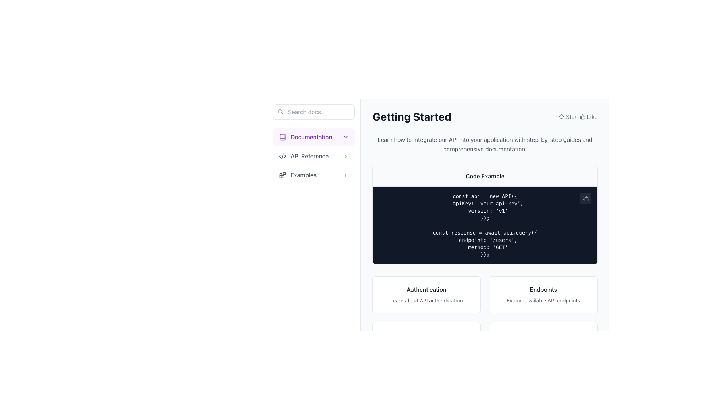  I want to click on the Chevron-right icon, which is a small right-pointing triangular arrowhead located on the rightmost side of the 'Examples' button, so click(345, 175).